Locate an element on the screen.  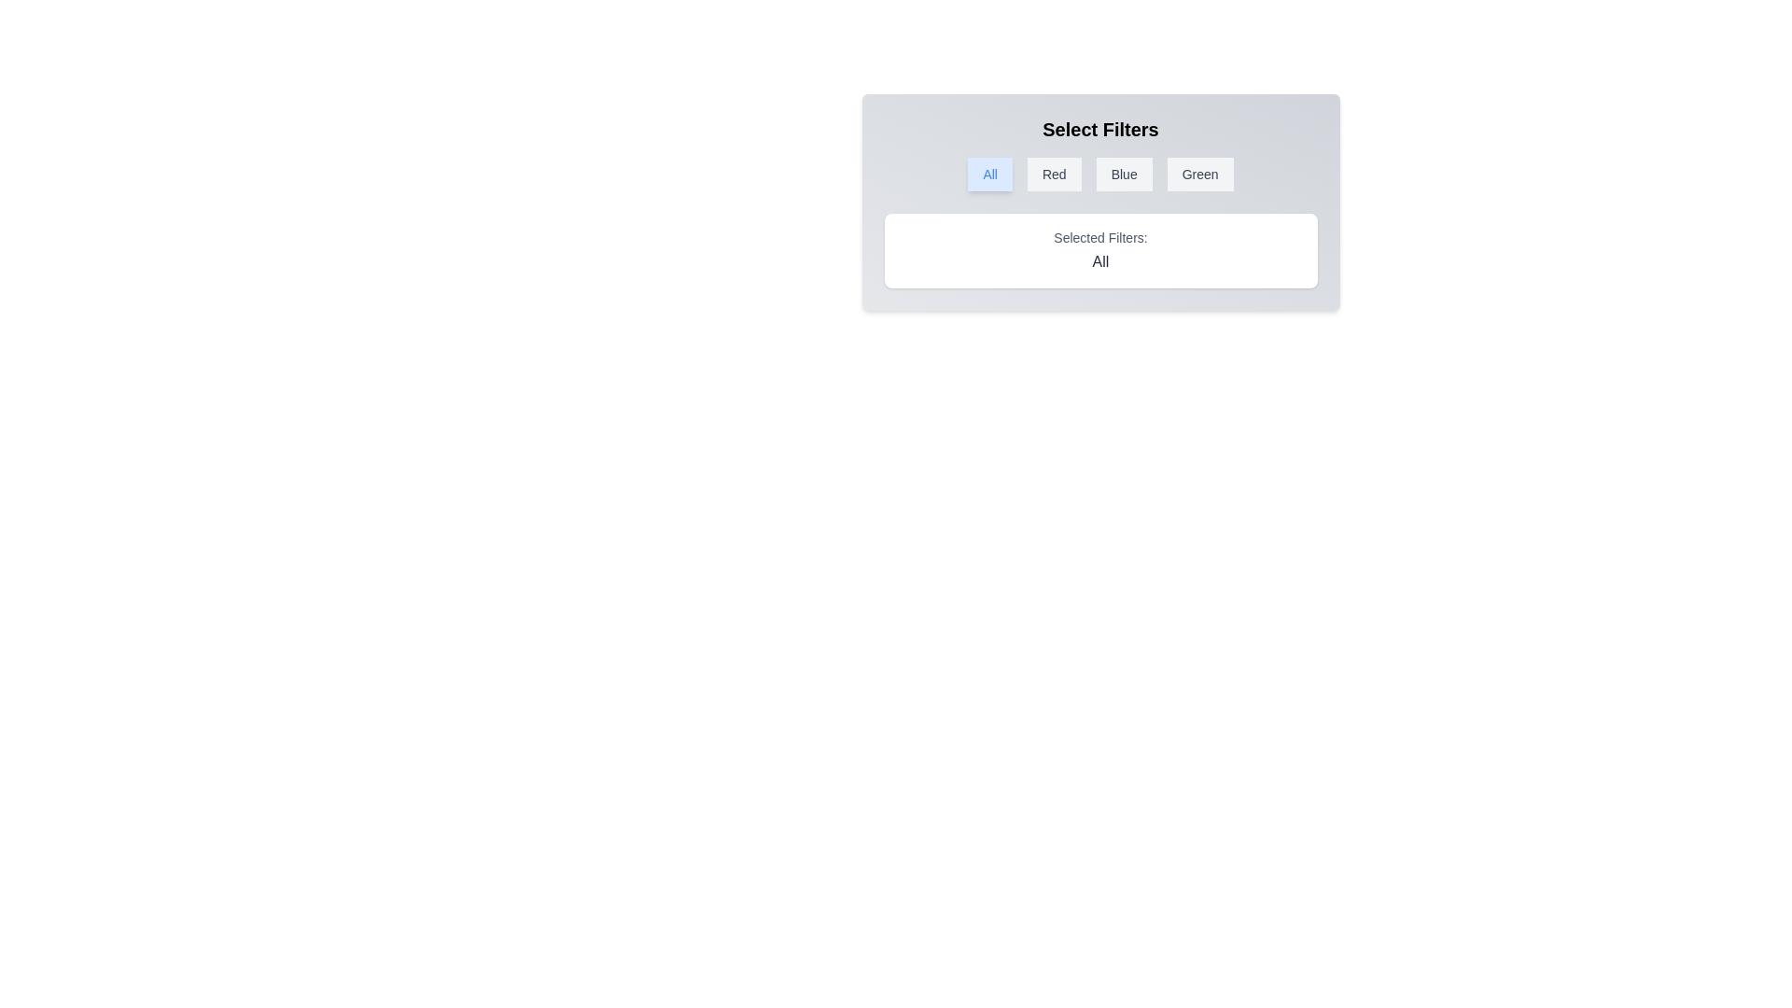
the filter button All is located at coordinates (989, 174).